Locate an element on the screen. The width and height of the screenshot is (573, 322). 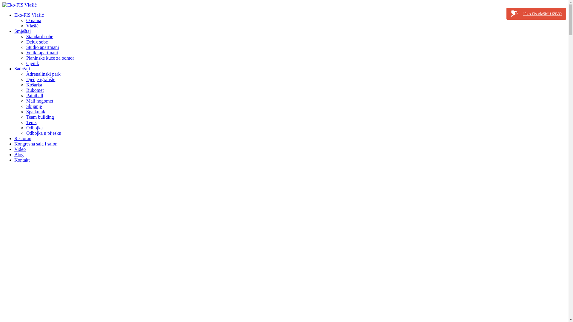
'Paintball' is located at coordinates (34, 95).